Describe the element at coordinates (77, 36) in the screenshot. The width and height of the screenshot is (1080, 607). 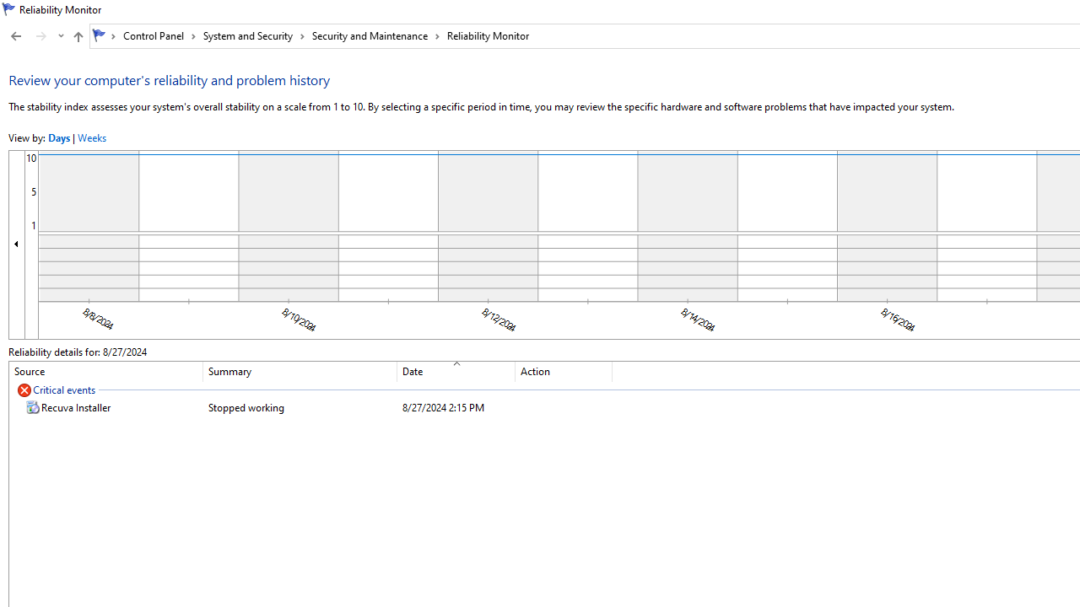
I see `'Up to "Security and Maintenance" (Alt + Up Arrow)'` at that location.